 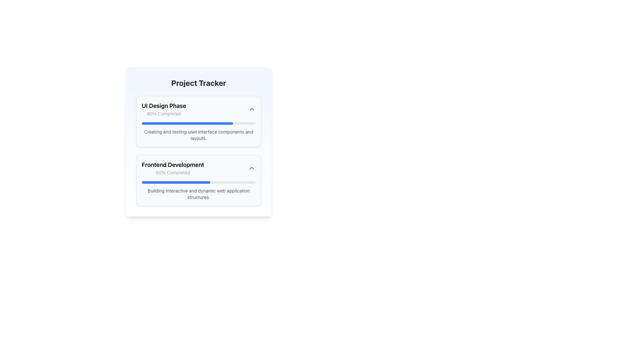 I want to click on text label displaying '80% Completed' which is located below the 'UI Design Phase' header within the progress information card, so click(x=164, y=113).